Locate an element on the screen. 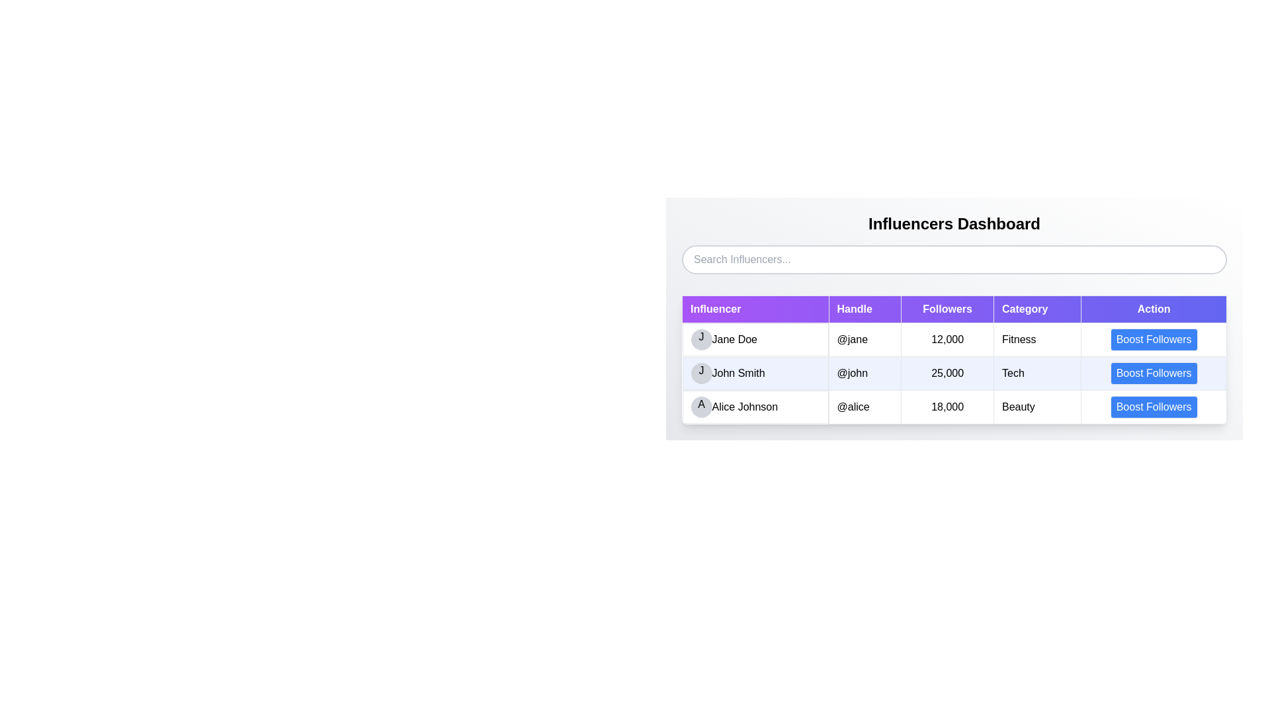 The image size is (1270, 714). text displayed in the Text Display element that shows '@jane' located in the 'Handle' column of the table, aligned with 'Jane Doe' in the 'Influencer' column is located at coordinates (865, 338).